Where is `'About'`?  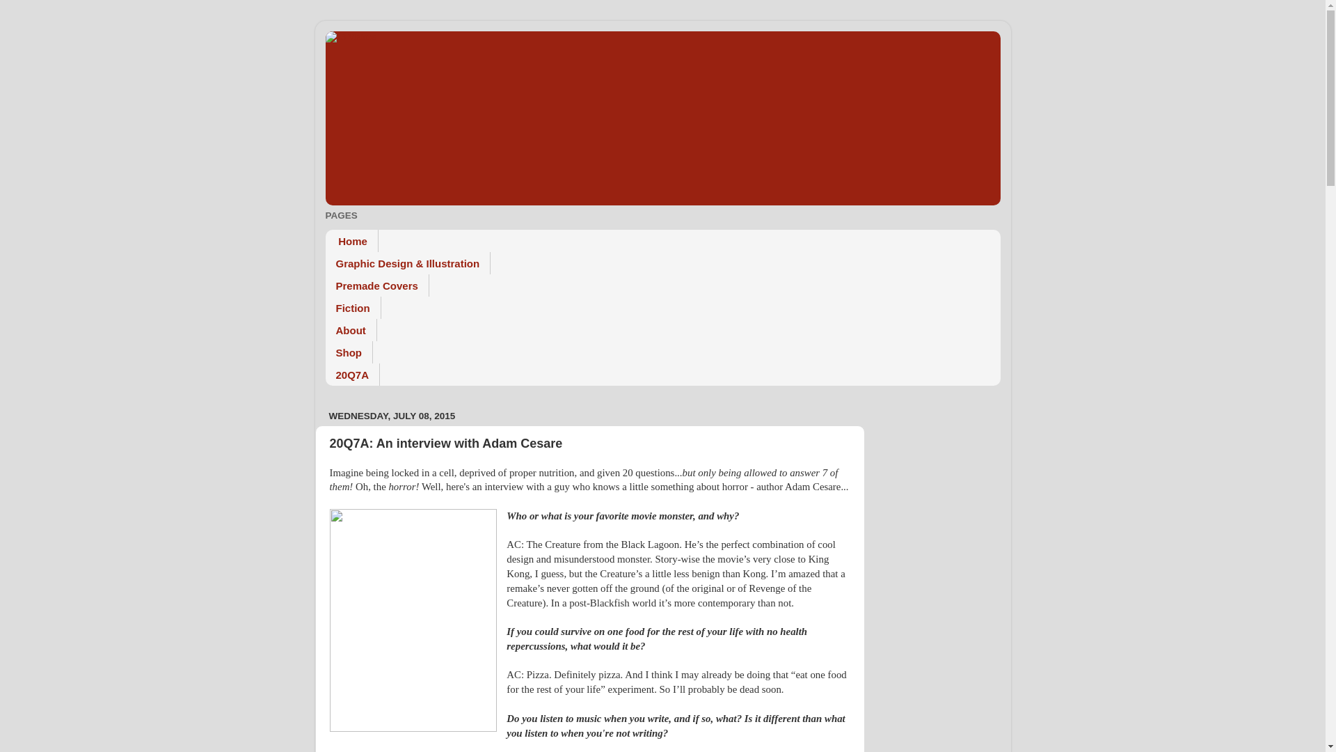
'About' is located at coordinates (351, 330).